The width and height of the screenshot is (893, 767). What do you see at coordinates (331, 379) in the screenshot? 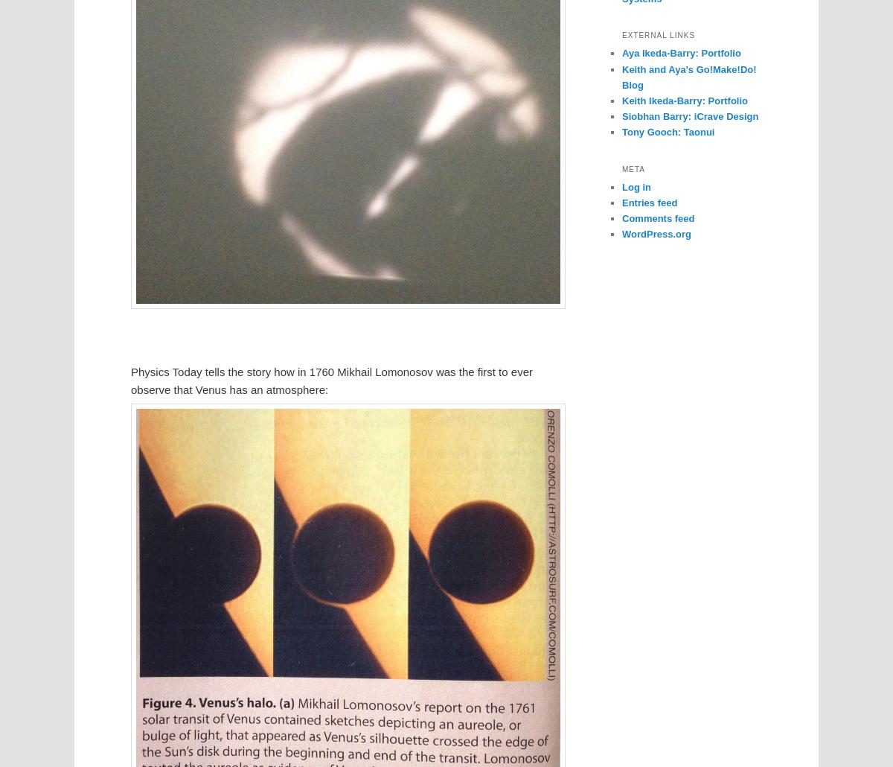
I see `'Physics Today tells the story how in 1760 Mikhail Lomonosov was the first to ever observe that Venus has an atmosphere:'` at bounding box center [331, 379].